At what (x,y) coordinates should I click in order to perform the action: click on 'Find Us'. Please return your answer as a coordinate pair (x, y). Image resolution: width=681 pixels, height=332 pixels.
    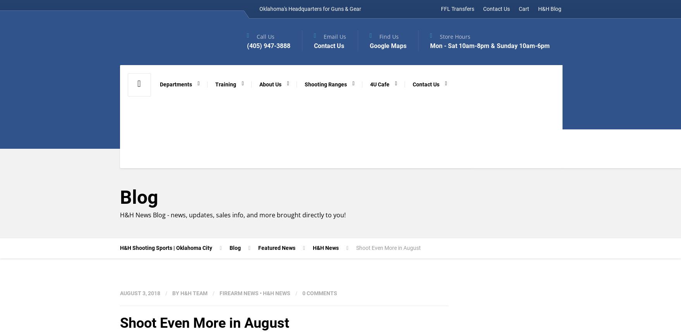
    Looking at the image, I should click on (388, 36).